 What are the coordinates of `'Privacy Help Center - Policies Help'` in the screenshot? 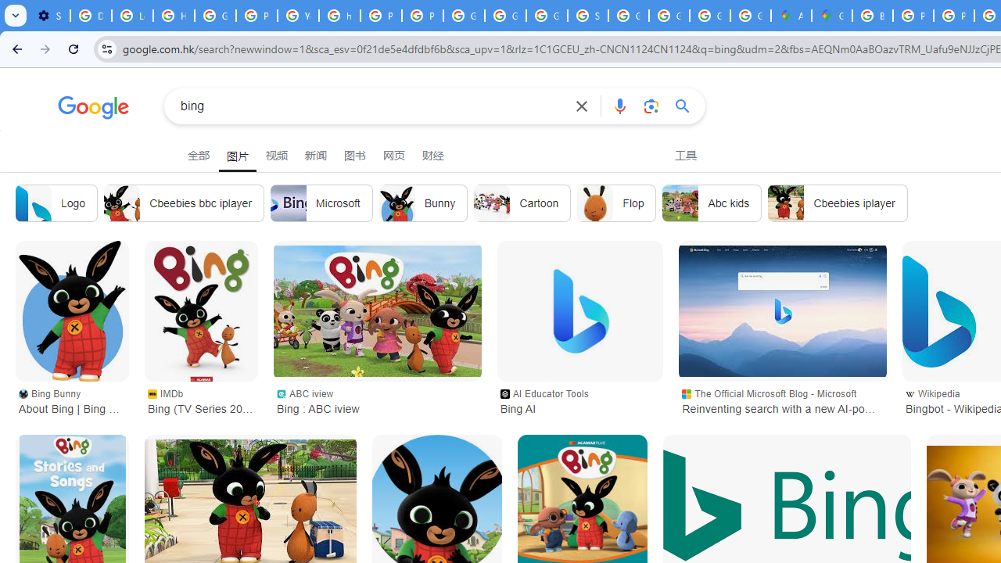 It's located at (953, 16).